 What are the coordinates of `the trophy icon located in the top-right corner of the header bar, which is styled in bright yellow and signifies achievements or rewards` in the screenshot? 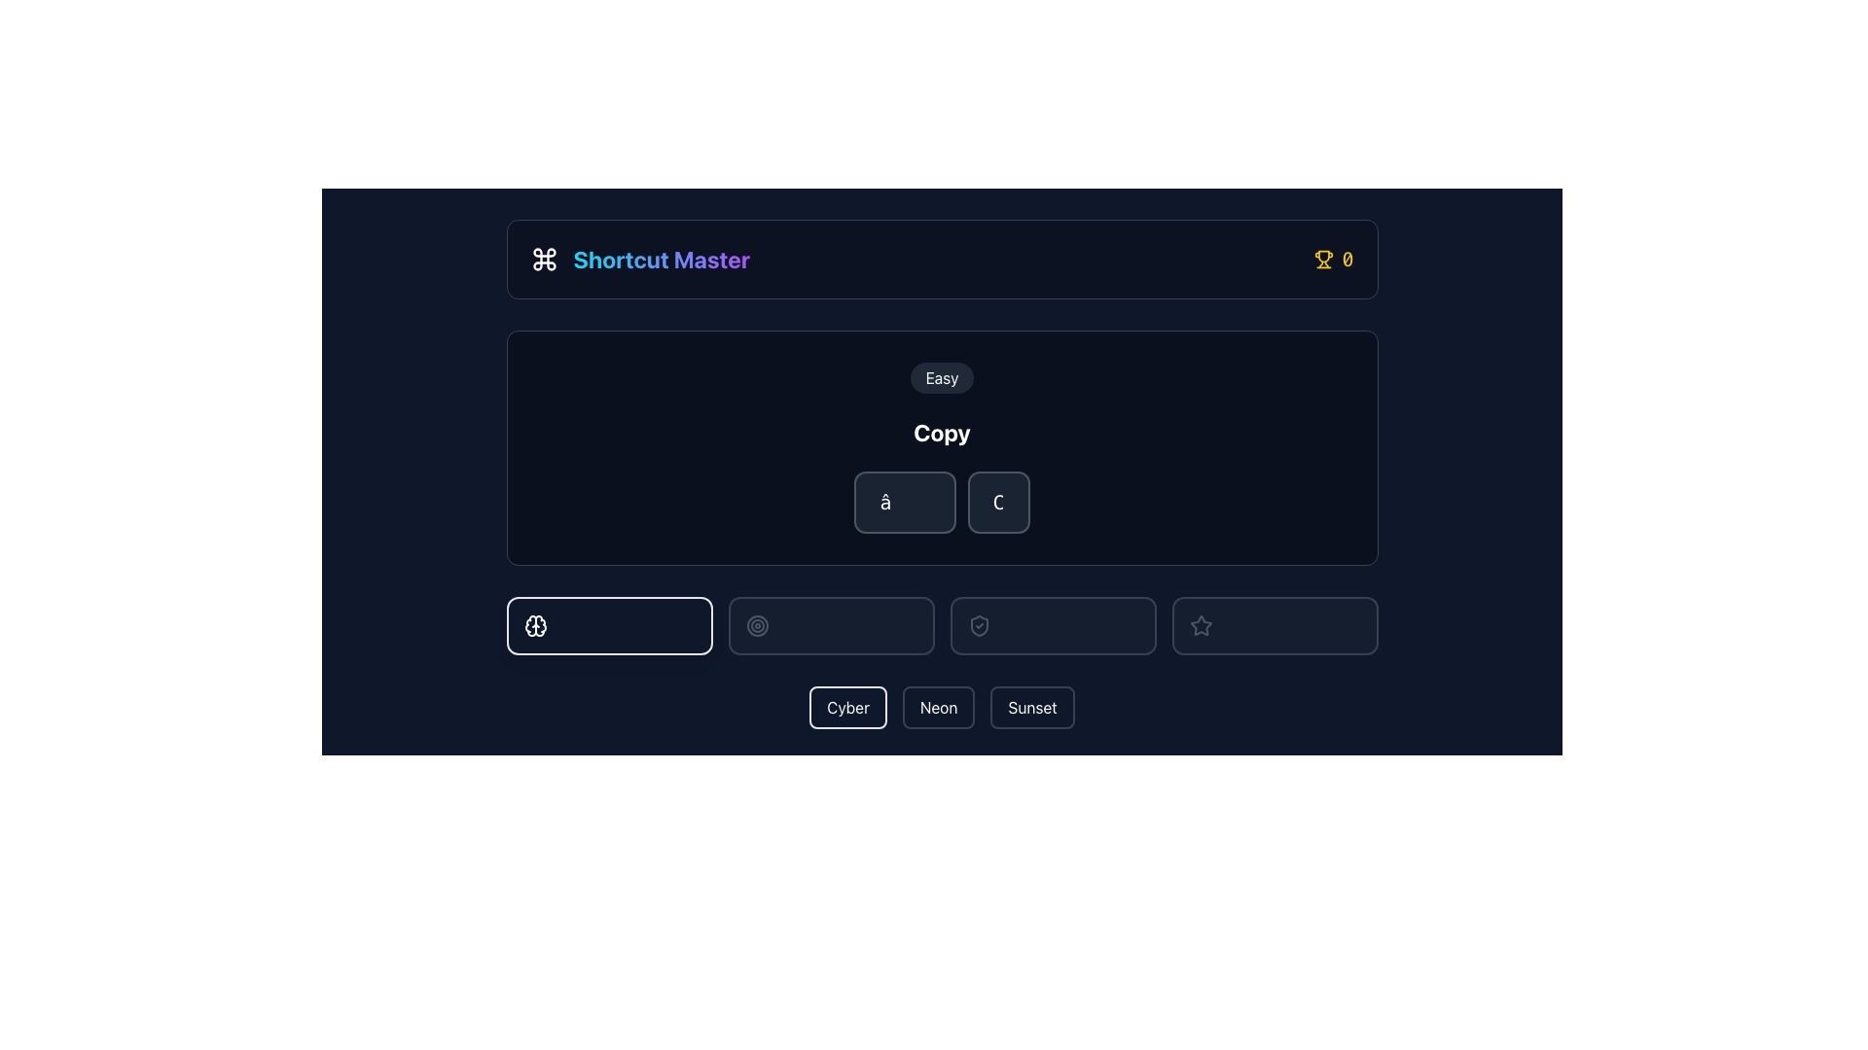 It's located at (1323, 258).